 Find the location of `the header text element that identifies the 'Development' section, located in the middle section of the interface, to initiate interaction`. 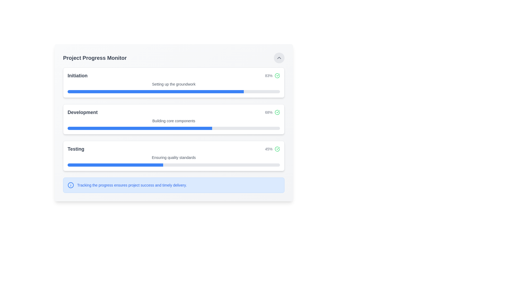

the header text element that identifies the 'Development' section, located in the middle section of the interface, to initiate interaction is located at coordinates (82, 112).